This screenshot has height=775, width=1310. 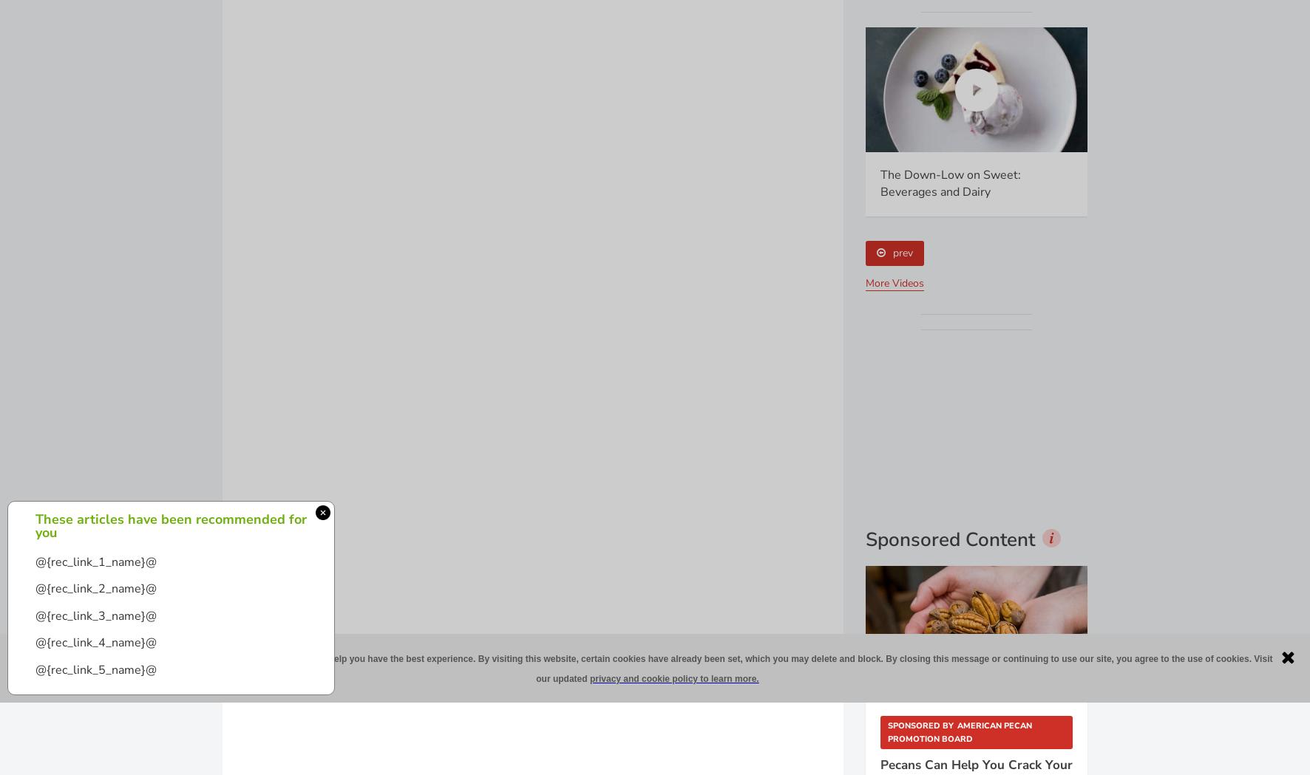 I want to click on 'Prepared Foods', so click(x=948, y=415).